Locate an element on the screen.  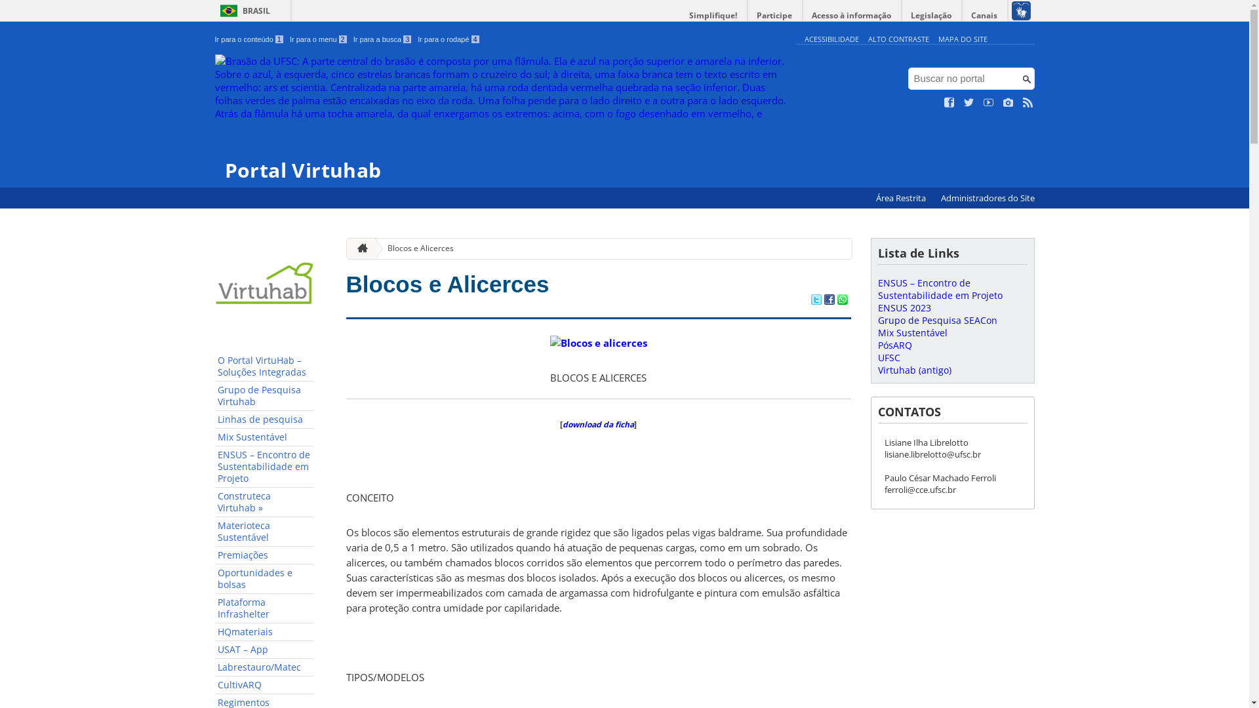
'ENSUS 2023' is located at coordinates (903, 307).